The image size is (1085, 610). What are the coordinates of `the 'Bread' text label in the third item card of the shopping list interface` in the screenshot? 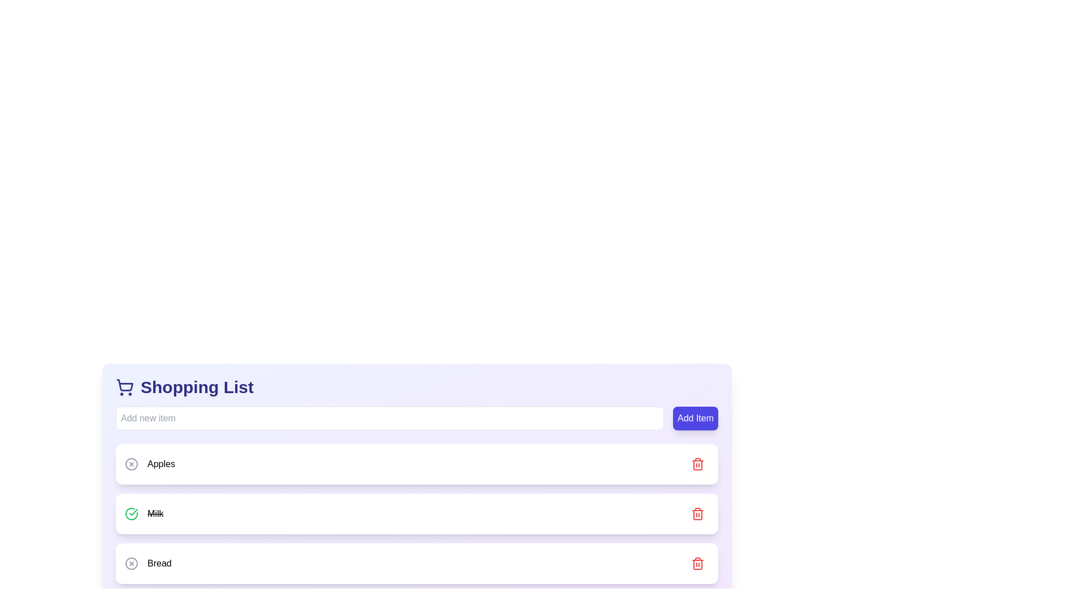 It's located at (147, 564).